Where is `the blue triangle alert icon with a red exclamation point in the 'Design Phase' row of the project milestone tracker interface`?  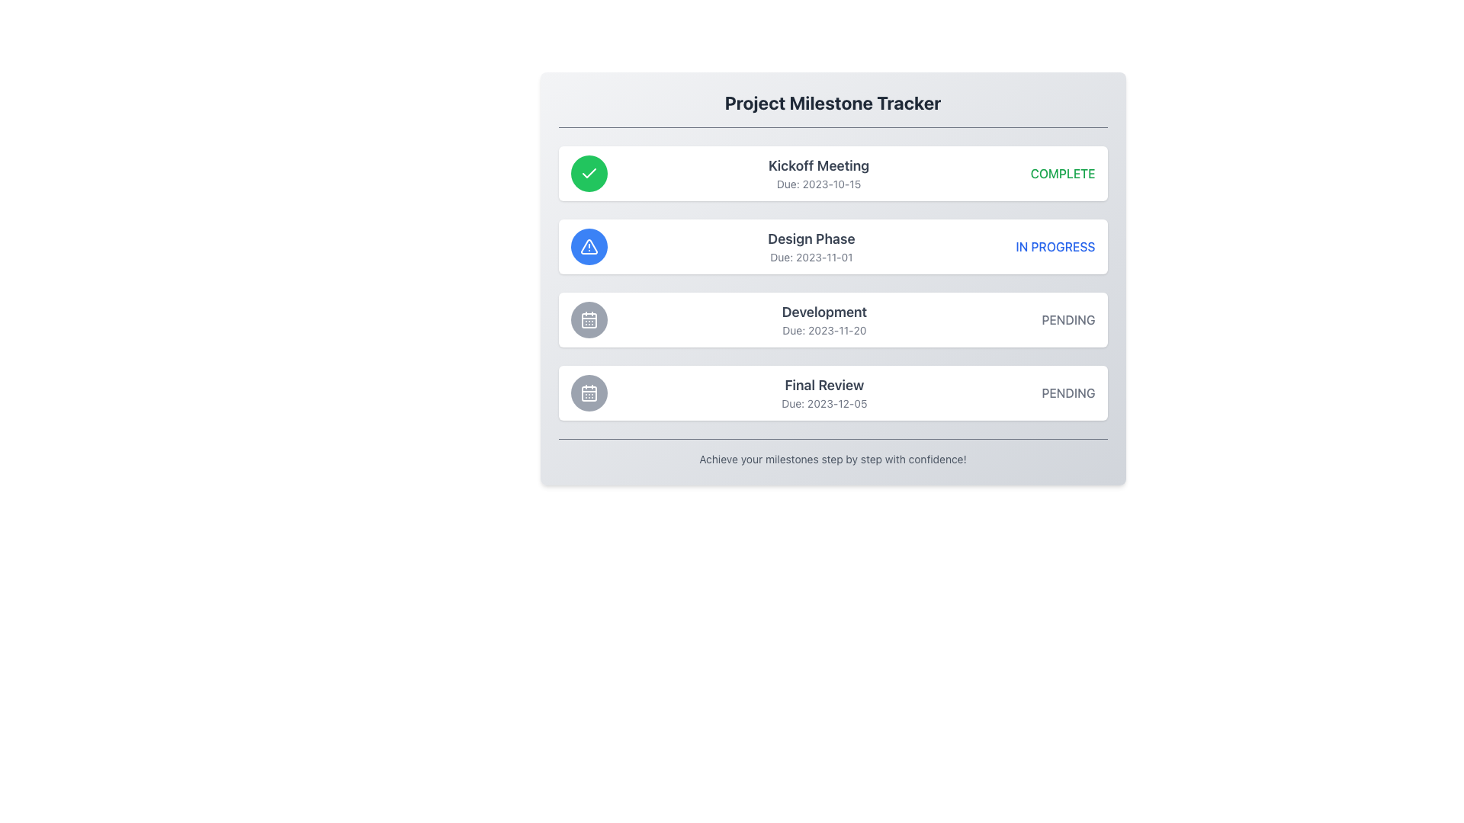 the blue triangle alert icon with a red exclamation point in the 'Design Phase' row of the project milestone tracker interface is located at coordinates (588, 246).